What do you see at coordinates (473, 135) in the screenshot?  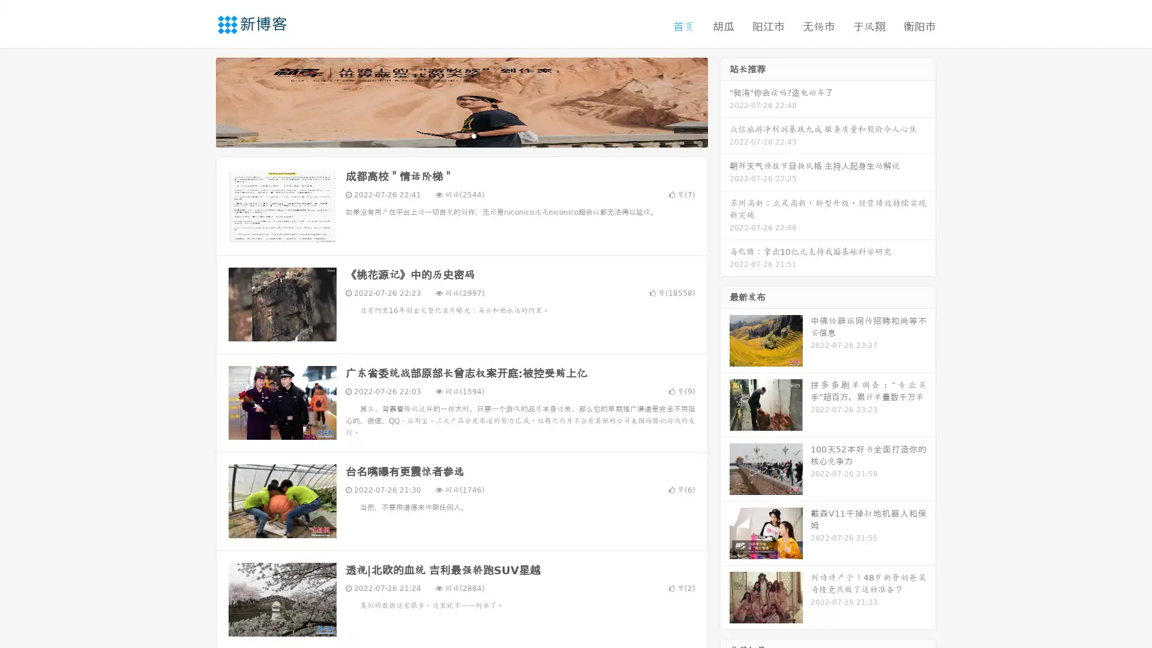 I see `Go to slide 3` at bounding box center [473, 135].